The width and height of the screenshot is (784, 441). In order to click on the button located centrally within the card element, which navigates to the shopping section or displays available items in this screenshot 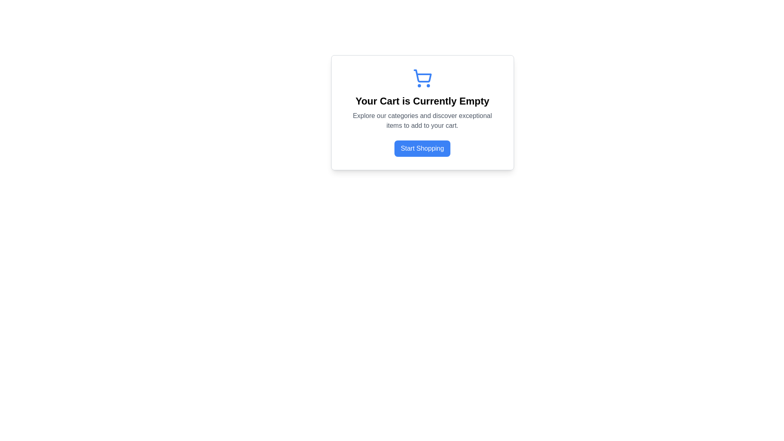, I will do `click(422, 148)`.